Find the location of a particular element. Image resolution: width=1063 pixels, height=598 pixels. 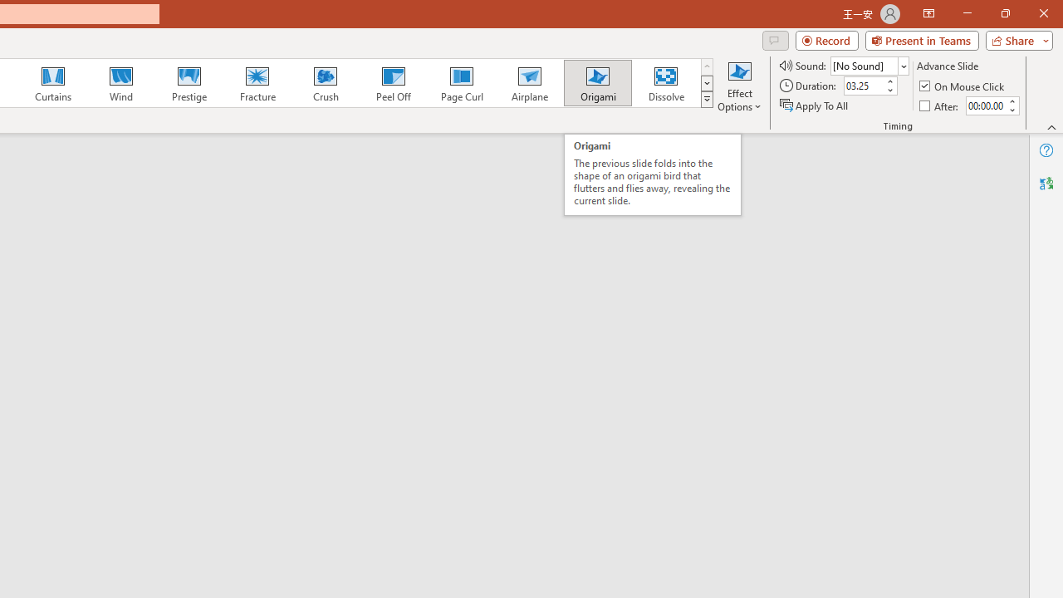

'Duration' is located at coordinates (864, 86).